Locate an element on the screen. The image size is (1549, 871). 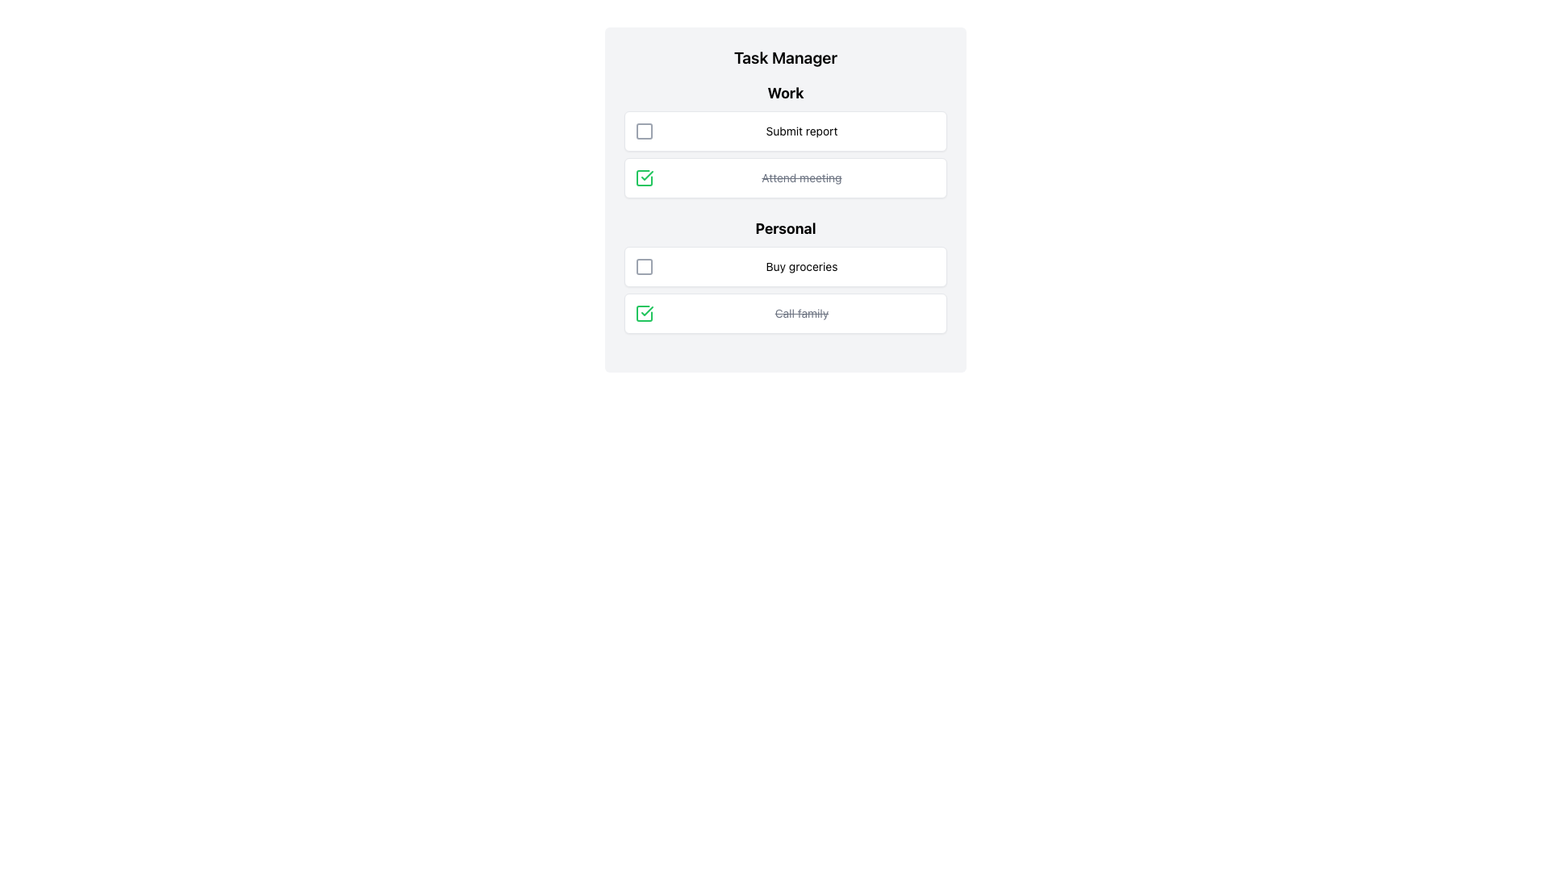
the text display element showing 'Call family', which has a strikethrough style and is located in the 'Personal' section of tasks is located at coordinates (801, 314).